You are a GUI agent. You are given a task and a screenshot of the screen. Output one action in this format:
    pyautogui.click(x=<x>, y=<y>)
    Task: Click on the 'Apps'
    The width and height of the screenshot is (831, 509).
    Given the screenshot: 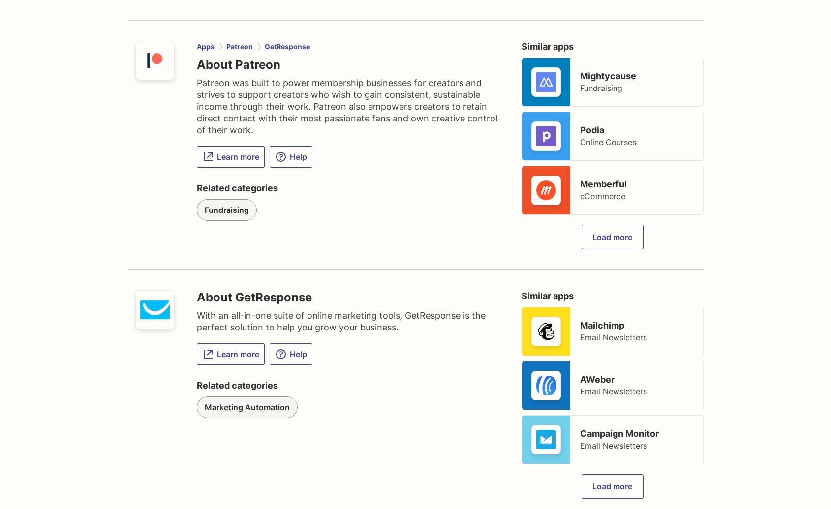 What is the action you would take?
    pyautogui.click(x=205, y=46)
    